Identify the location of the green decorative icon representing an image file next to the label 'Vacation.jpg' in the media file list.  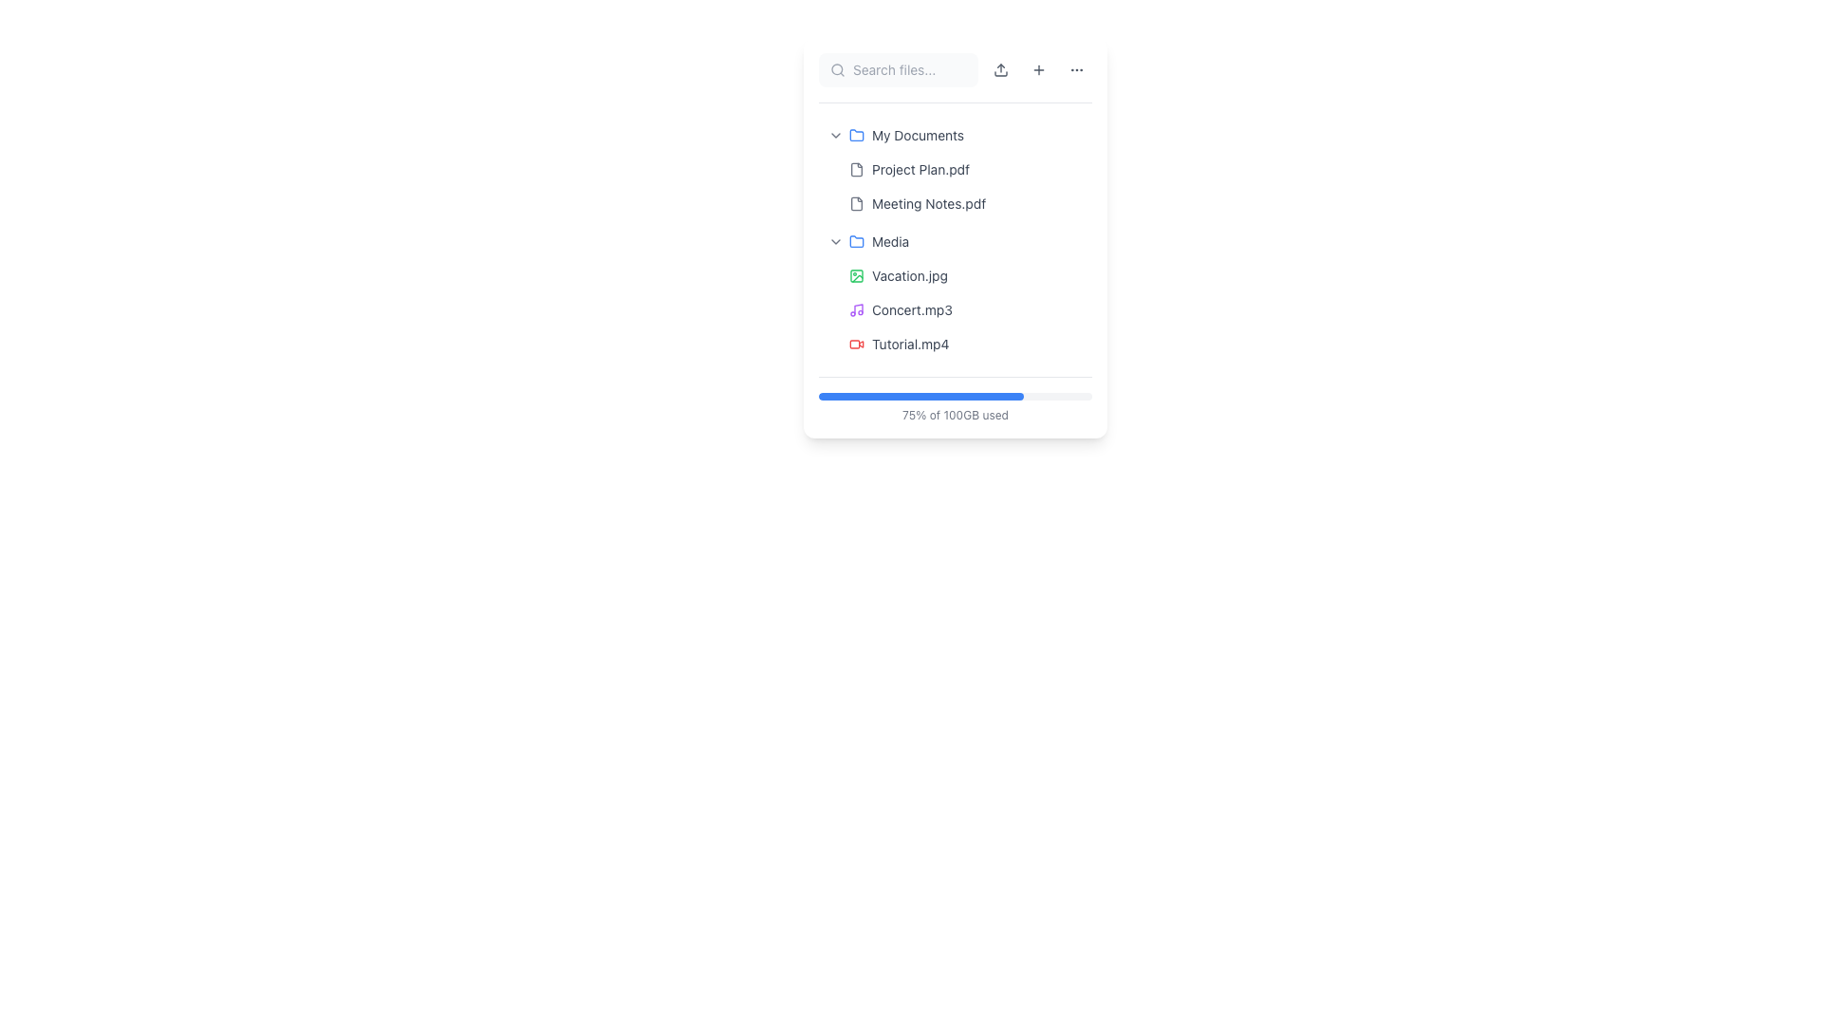
(855, 275).